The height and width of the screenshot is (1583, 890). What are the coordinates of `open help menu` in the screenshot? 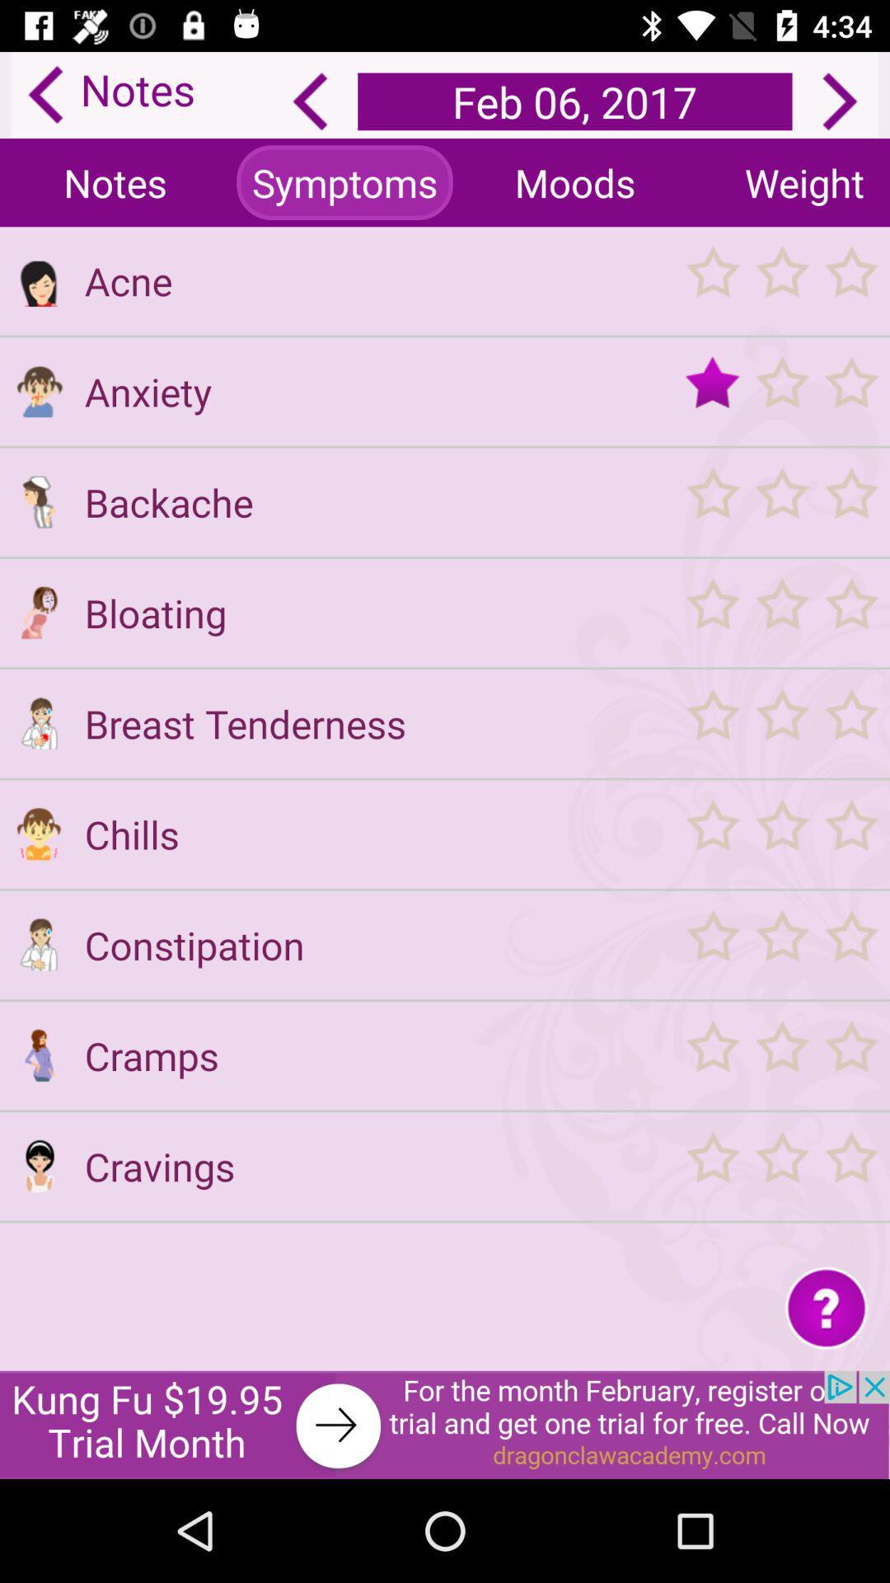 It's located at (827, 1306).